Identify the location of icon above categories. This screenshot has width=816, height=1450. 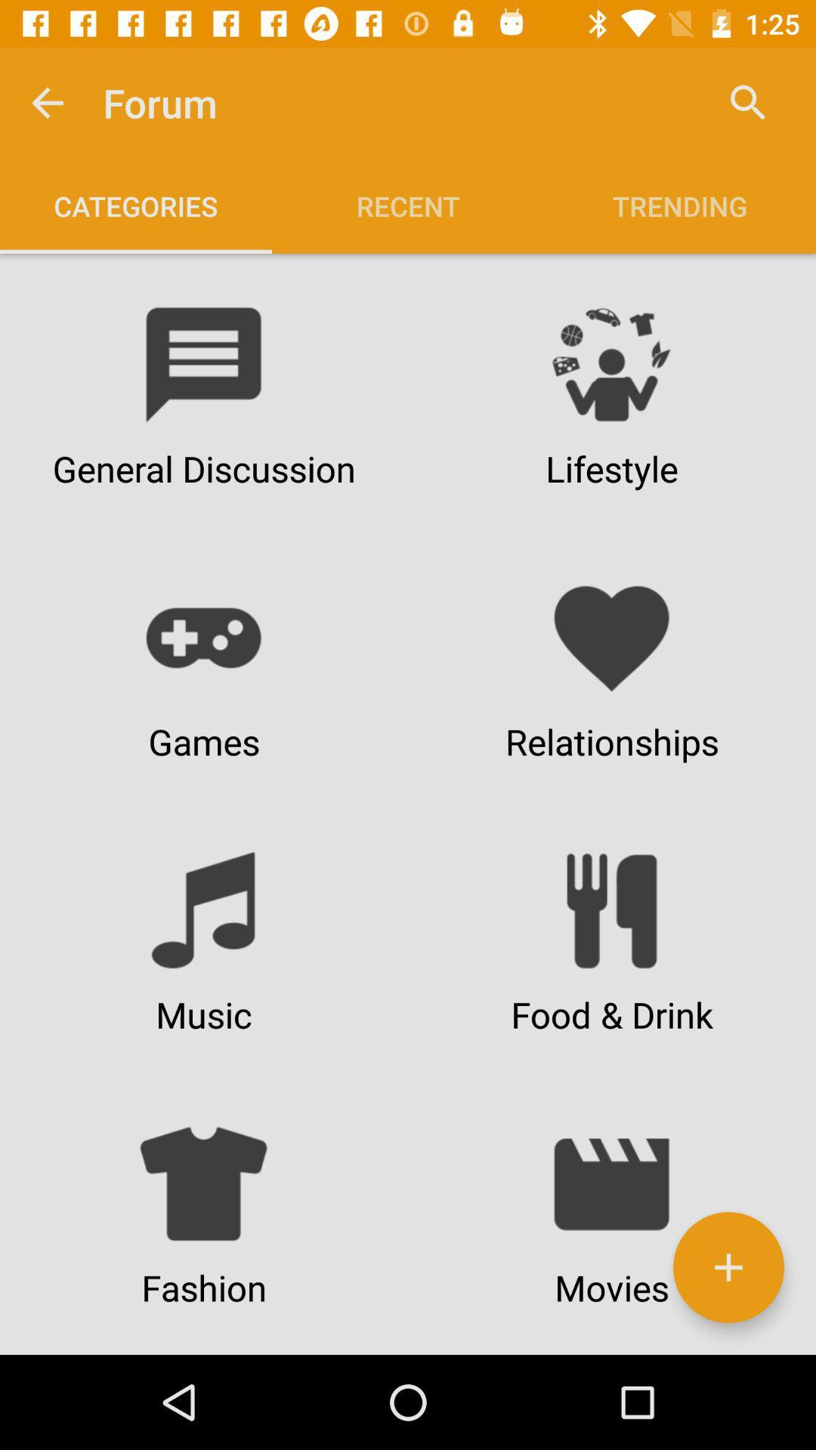
(46, 102).